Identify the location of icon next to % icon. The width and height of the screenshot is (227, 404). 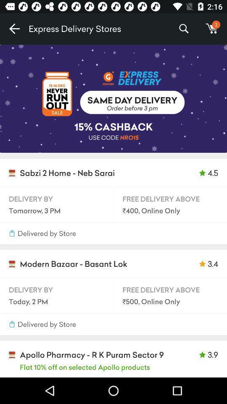
(211, 29).